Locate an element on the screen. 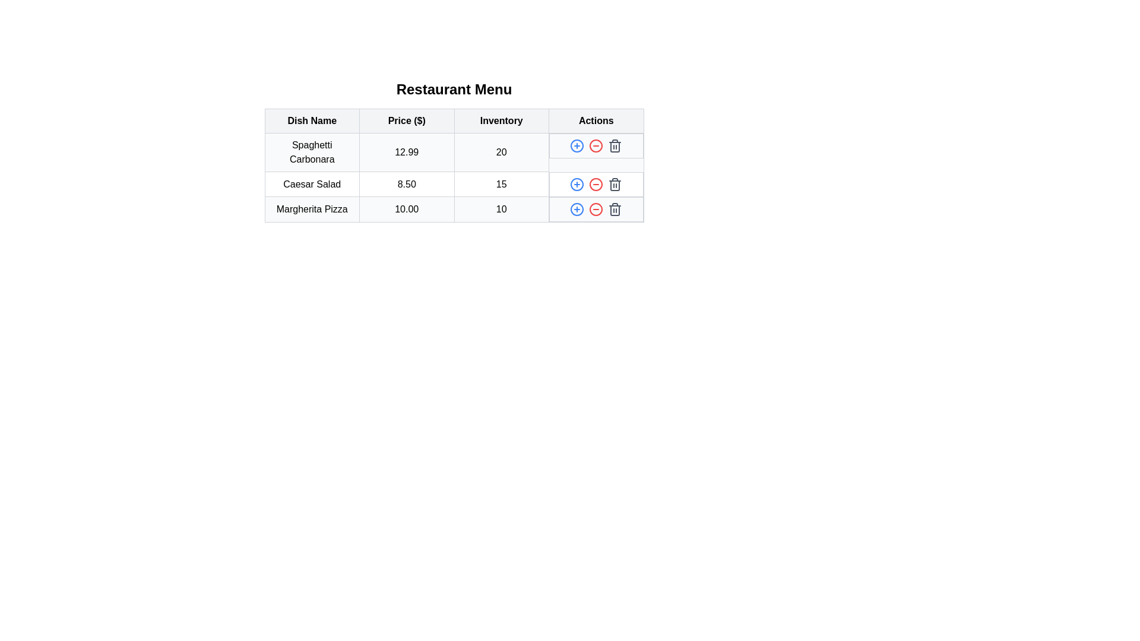 This screenshot has width=1140, height=641. the trash icon for the menu item Spaghetti Carbonara is located at coordinates (615, 145).